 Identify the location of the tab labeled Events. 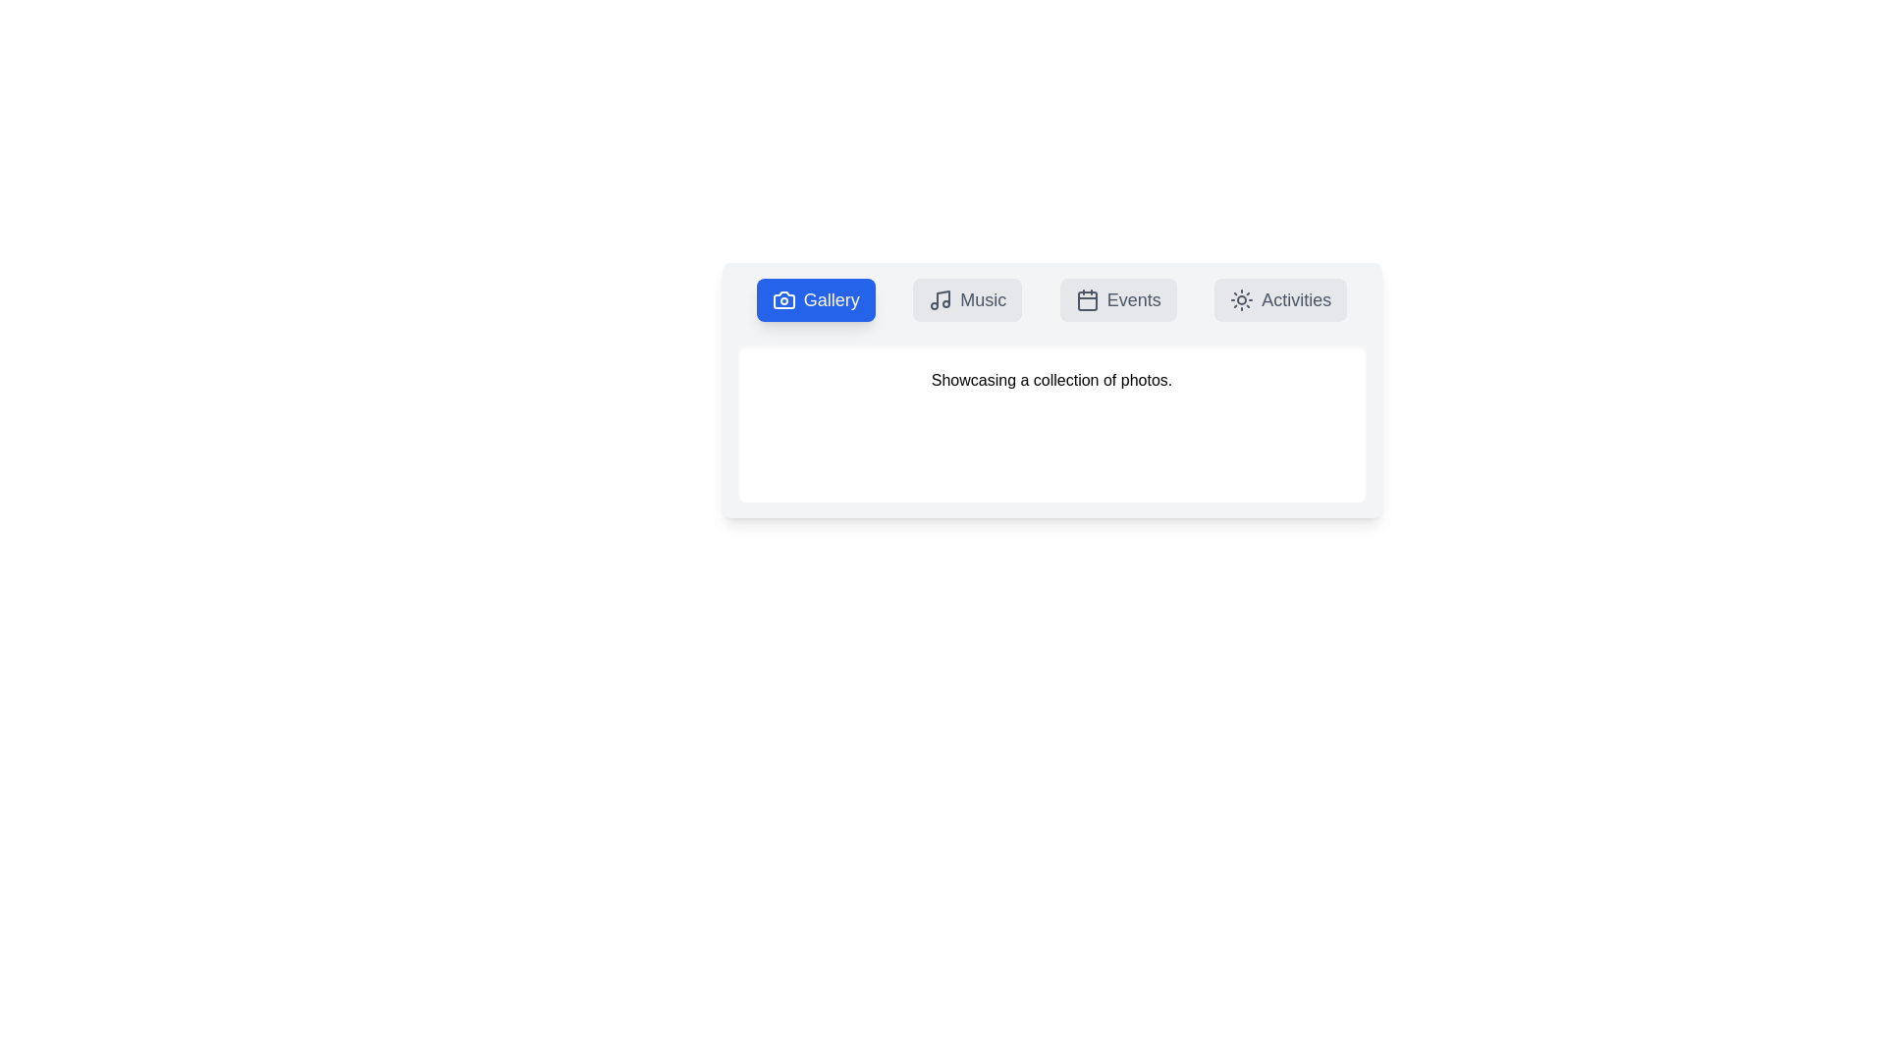
(1117, 299).